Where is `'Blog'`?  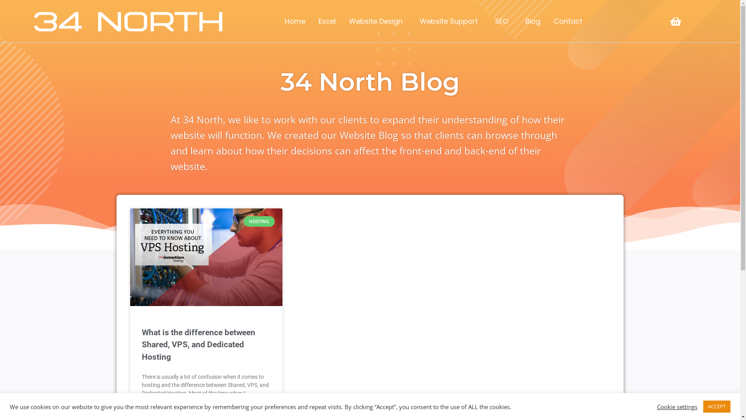
'Blog' is located at coordinates (518, 21).